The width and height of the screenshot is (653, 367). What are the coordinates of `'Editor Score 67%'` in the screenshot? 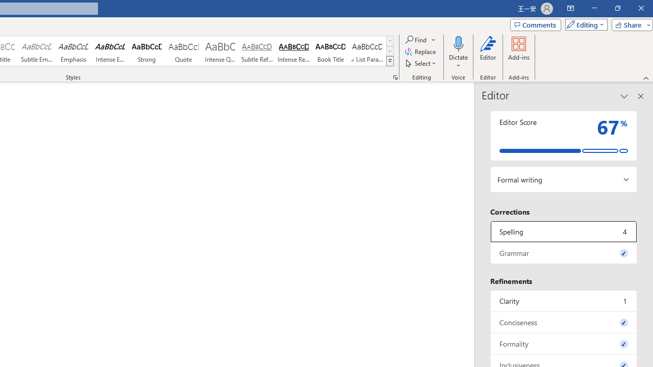 It's located at (563, 135).